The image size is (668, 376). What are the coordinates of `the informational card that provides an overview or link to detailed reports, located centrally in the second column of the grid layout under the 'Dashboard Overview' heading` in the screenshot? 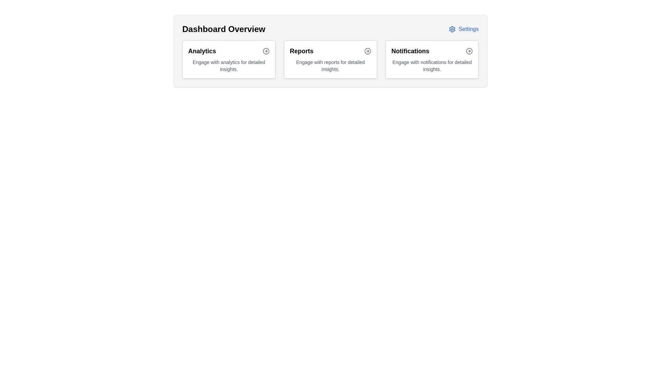 It's located at (330, 59).